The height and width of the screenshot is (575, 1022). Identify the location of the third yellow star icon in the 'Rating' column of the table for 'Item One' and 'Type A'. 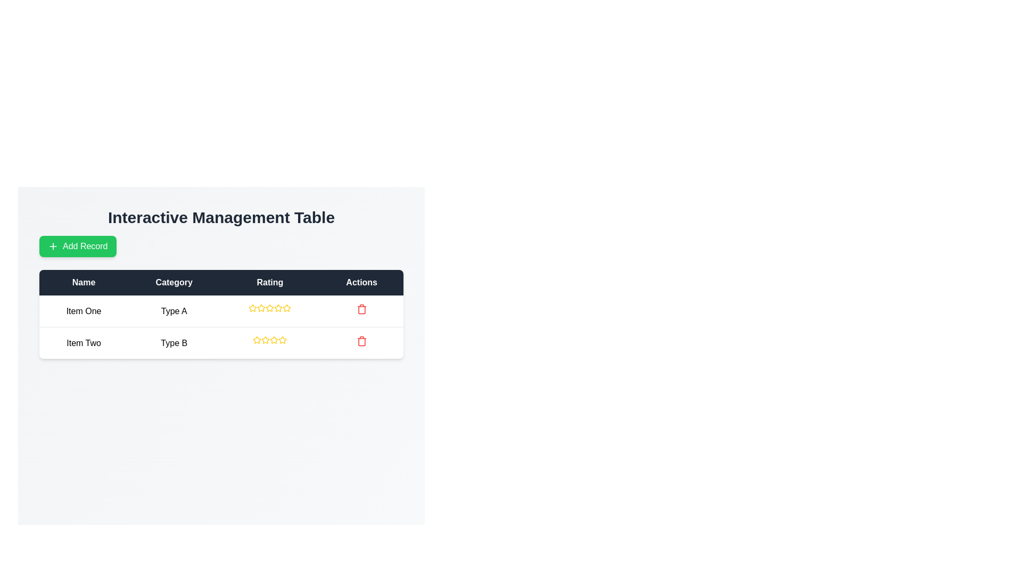
(270, 308).